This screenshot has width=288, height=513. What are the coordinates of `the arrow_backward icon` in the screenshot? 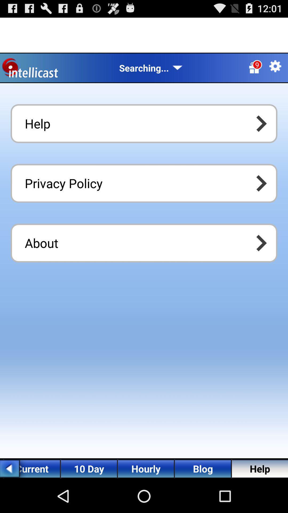 It's located at (13, 501).